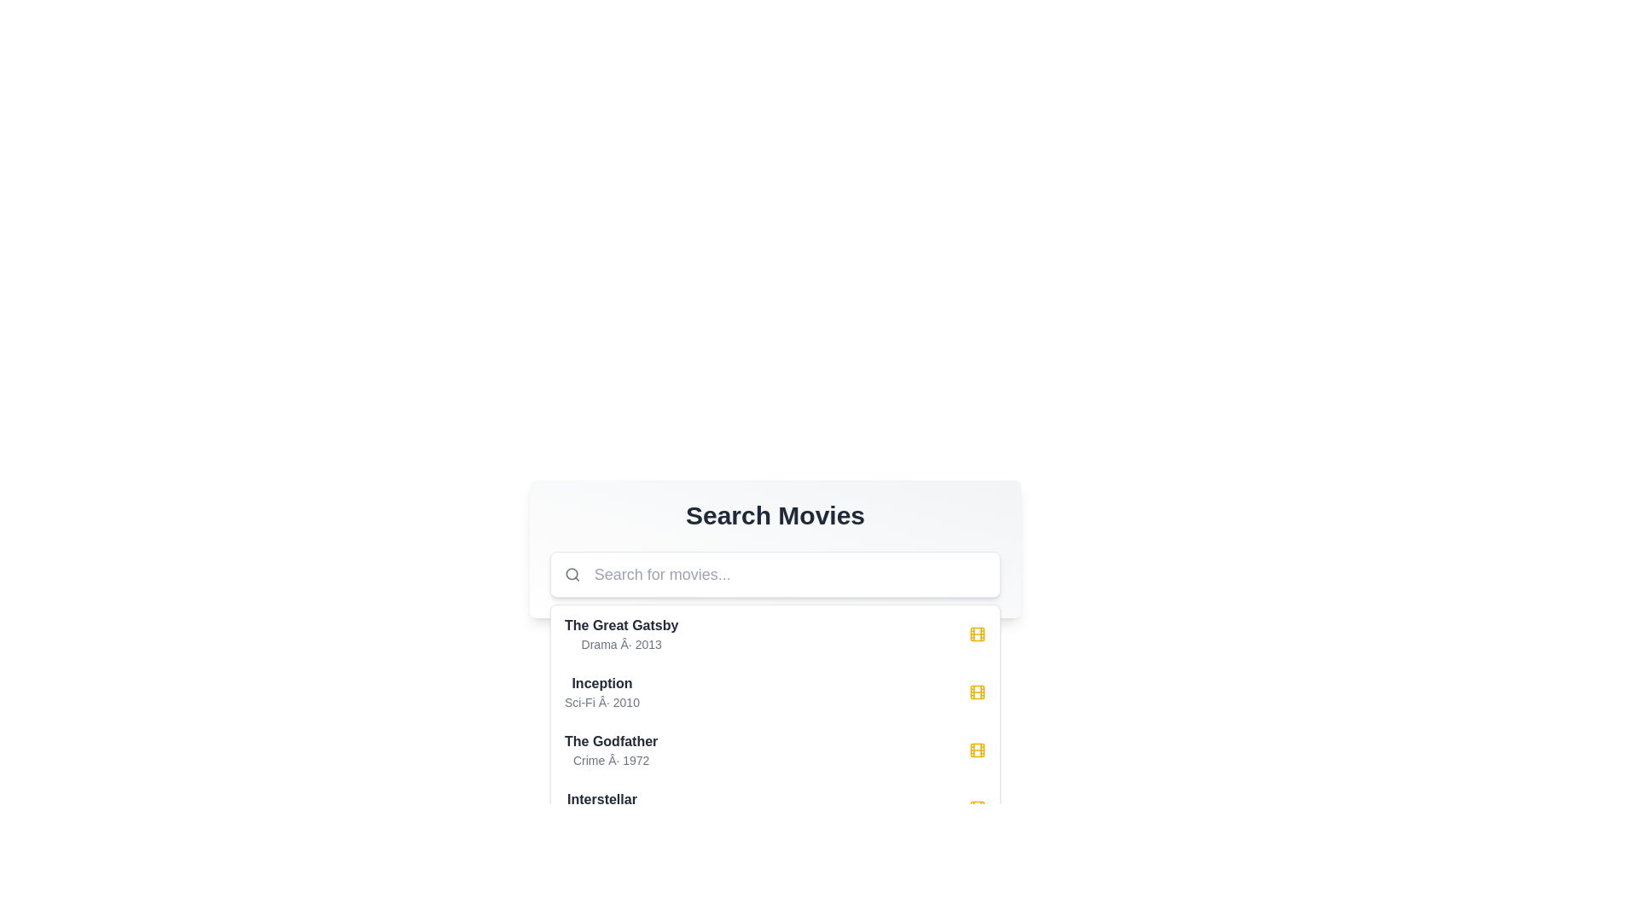 The height and width of the screenshot is (921, 1638). I want to click on the yellow rounded rectangle graphic component of the film icon located on the right side of the second item in the vertical list of movie entries, so click(978, 692).